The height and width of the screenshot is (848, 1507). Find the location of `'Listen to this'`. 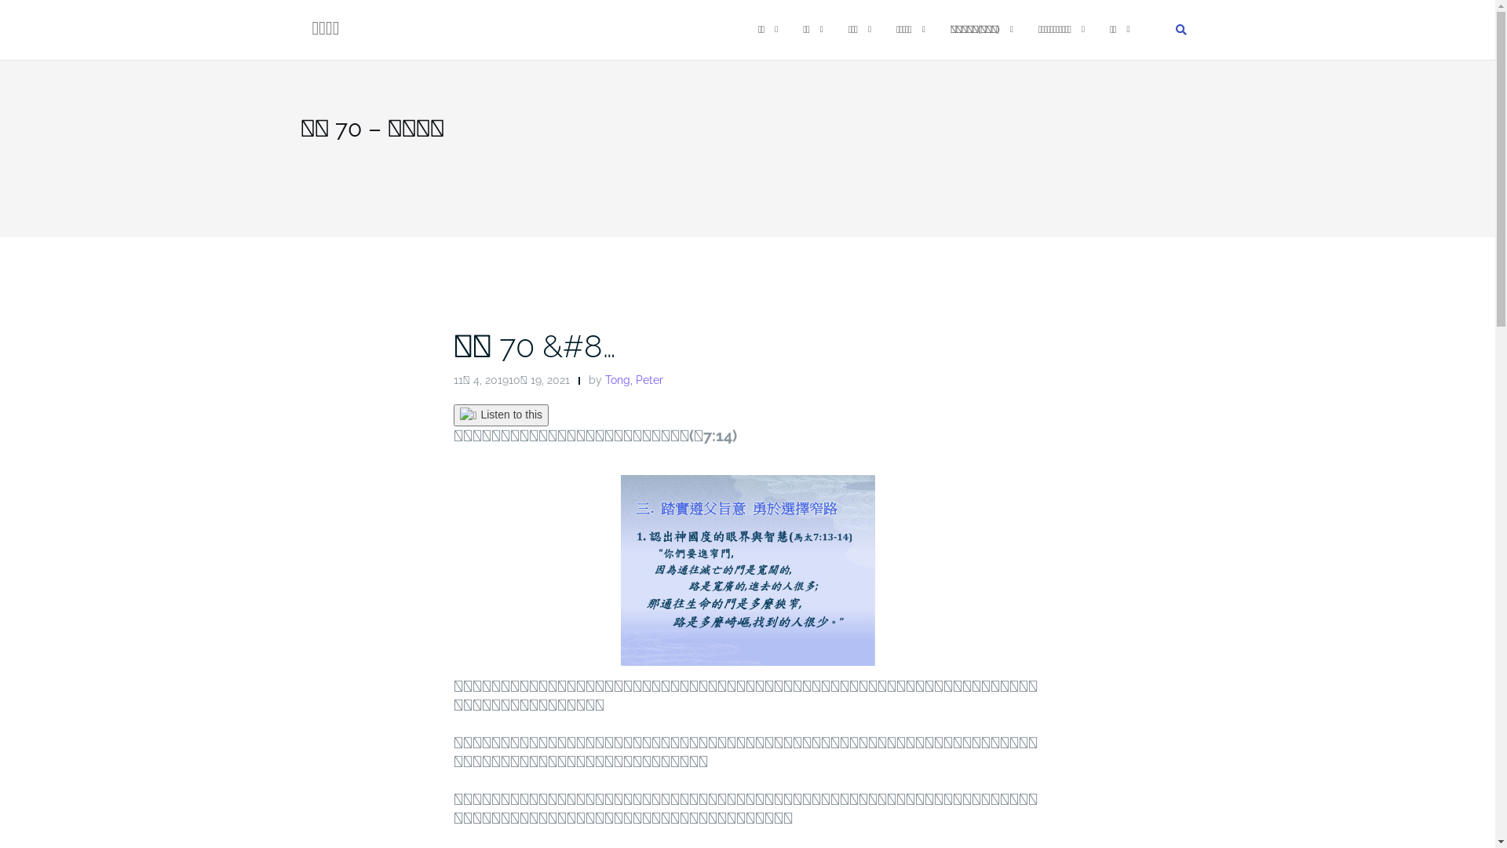

'Listen to this' is located at coordinates (500, 414).